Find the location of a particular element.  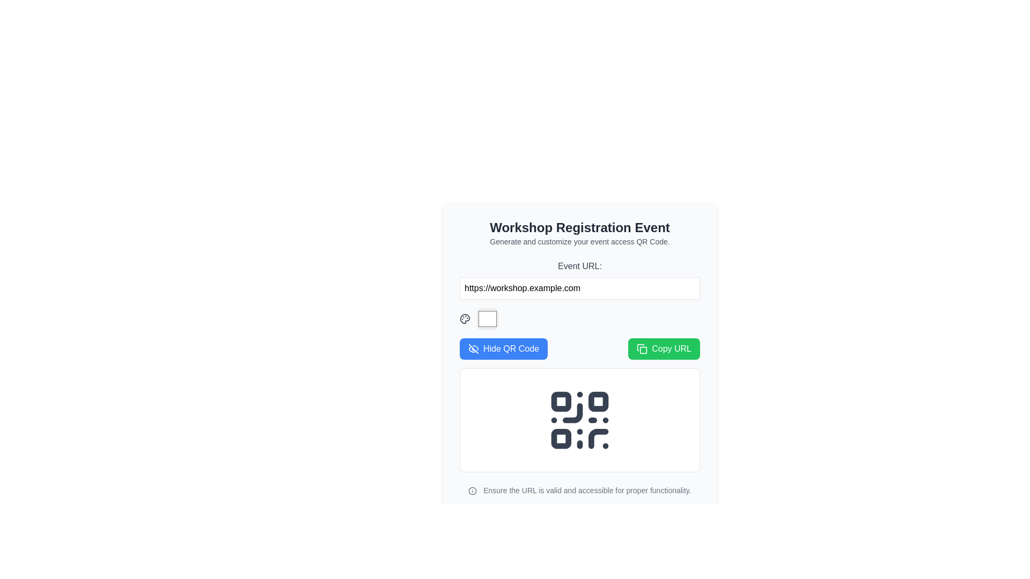

the small rounded square in the top-right corner of the QR code graphic, which is part of the stylistic decoration is located at coordinates (598, 402).